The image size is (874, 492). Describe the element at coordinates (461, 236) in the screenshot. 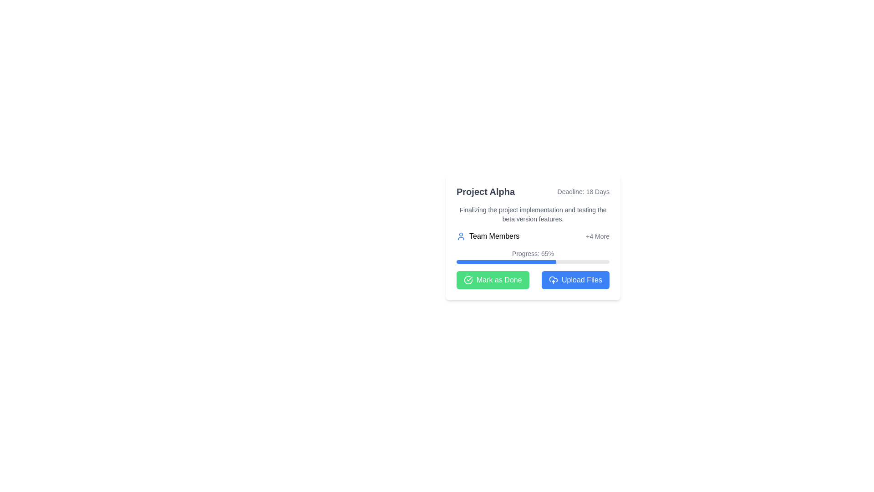

I see `the blue user silhouette SVG icon located to the left of the 'Team Members' text in the upper-middle section of the main interface card` at that location.